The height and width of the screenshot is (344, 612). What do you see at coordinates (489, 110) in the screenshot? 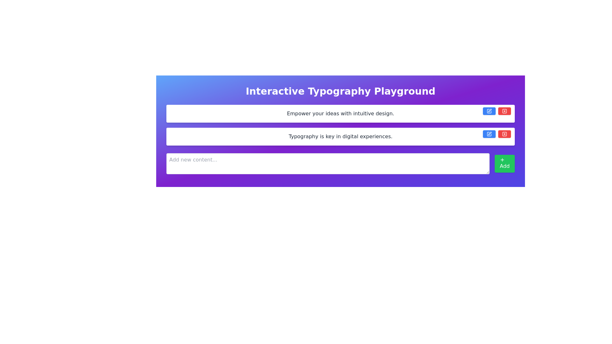
I see `the SVG-based edit icon located to the right of the first input field labeled 'Empower your ideas with intuitive design'` at bounding box center [489, 110].